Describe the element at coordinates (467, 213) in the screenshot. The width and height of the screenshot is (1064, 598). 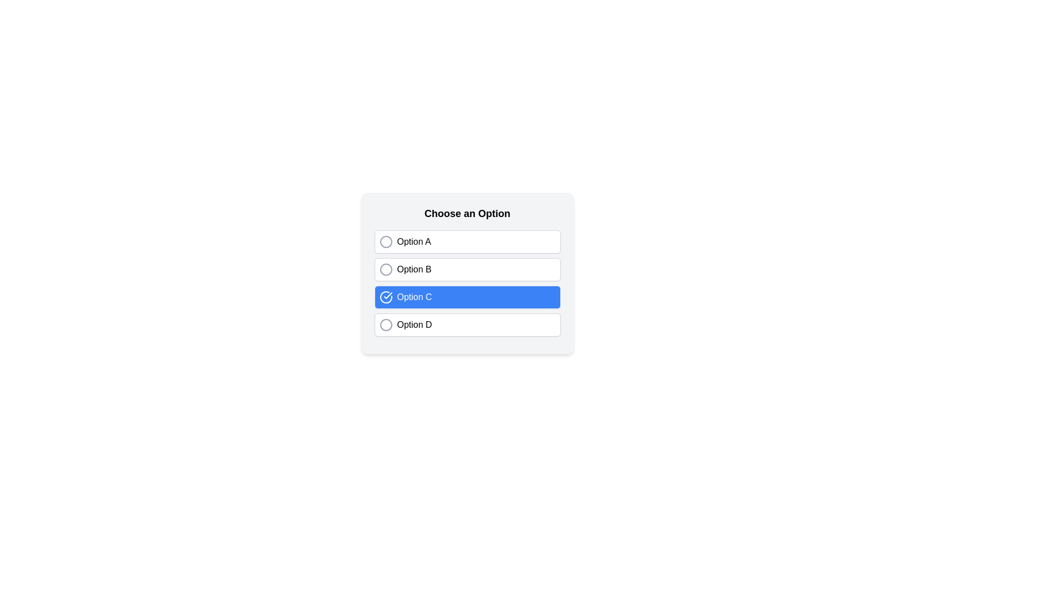
I see `the header text 'Choose an Option', which is styled with a large bold font and is centrally aligned above a list of options` at that location.